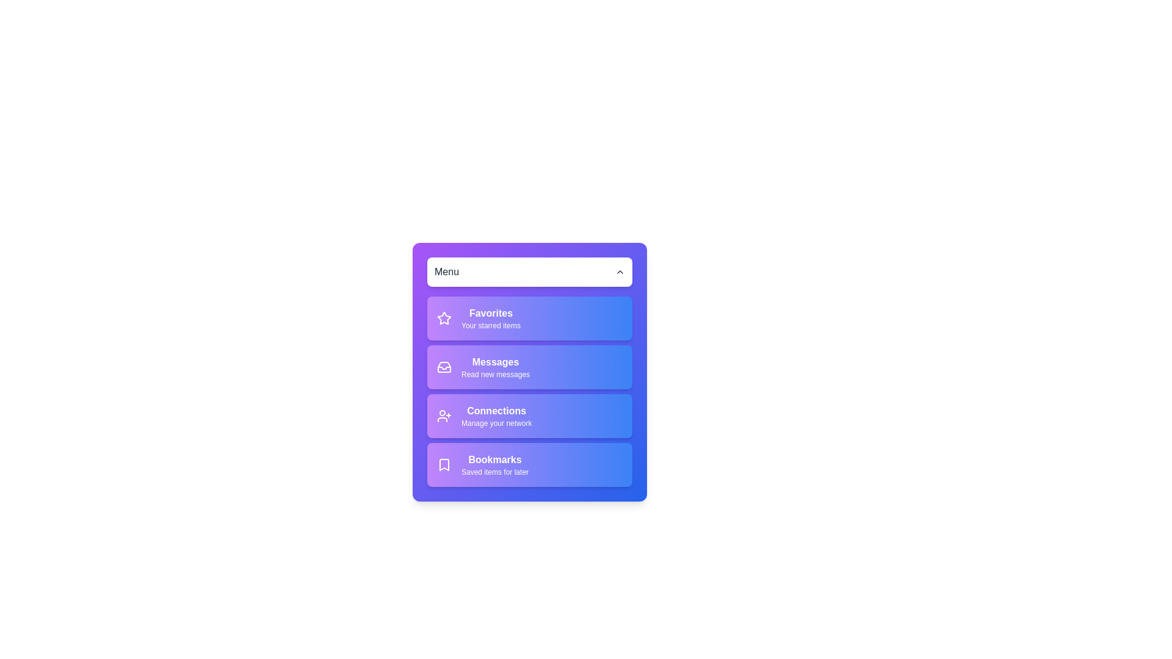  Describe the element at coordinates (530, 366) in the screenshot. I see `the menu item Messages by clicking on it` at that location.